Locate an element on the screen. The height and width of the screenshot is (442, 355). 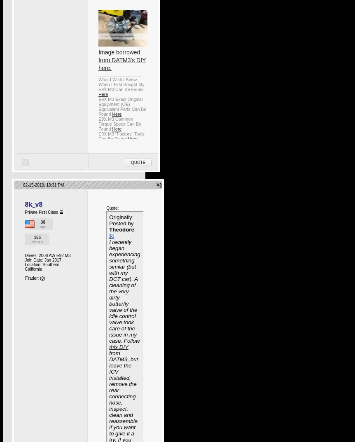
'E9X M3 Common Torque Specs Can Be Found' is located at coordinates (119, 124).